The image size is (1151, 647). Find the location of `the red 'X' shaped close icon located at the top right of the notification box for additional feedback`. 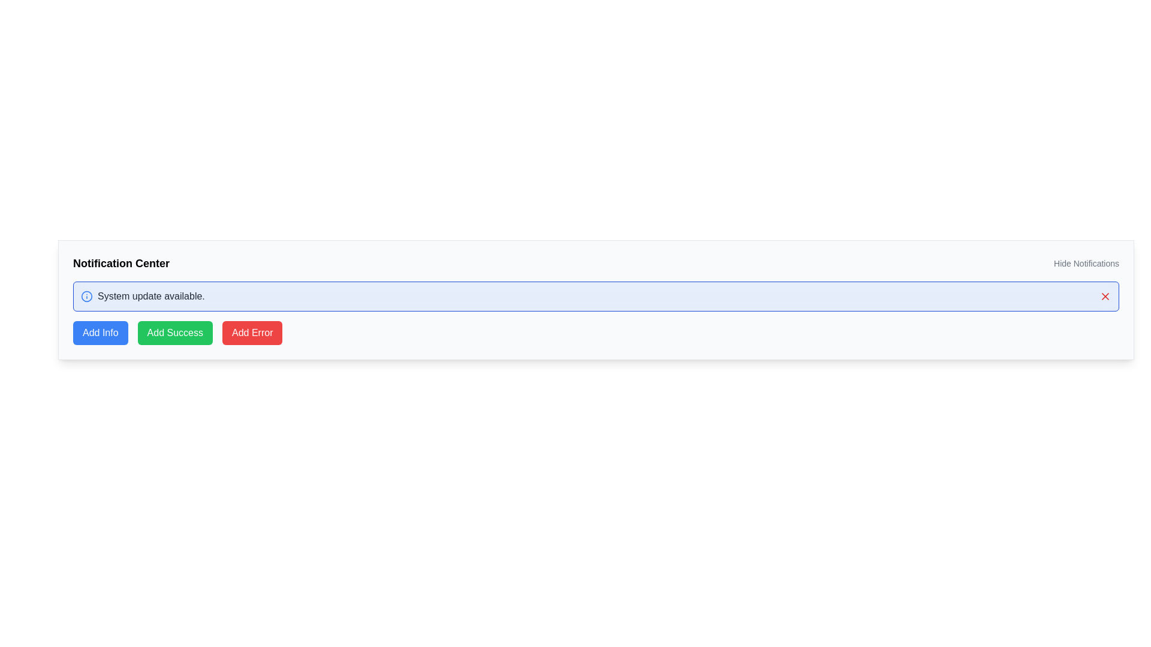

the red 'X' shaped close icon located at the top right of the notification box for additional feedback is located at coordinates (1104, 296).